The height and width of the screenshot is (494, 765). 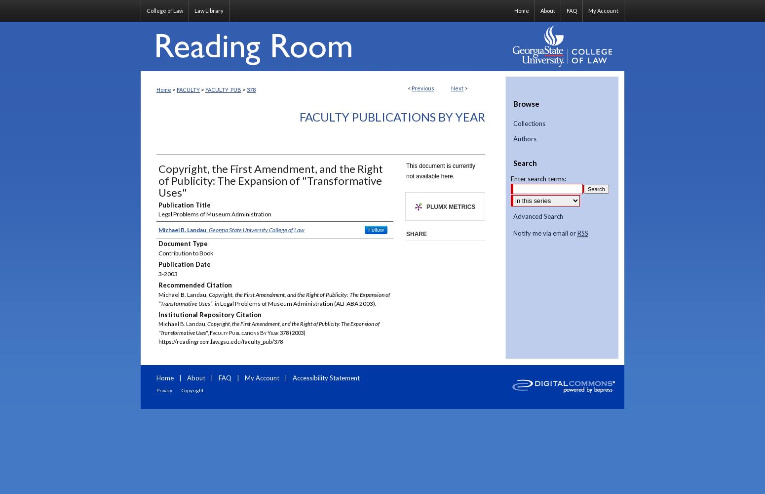 What do you see at coordinates (221, 341) in the screenshot?
I see `'https://readingroom.law.gsu.edu/faculty_pub/378'` at bounding box center [221, 341].